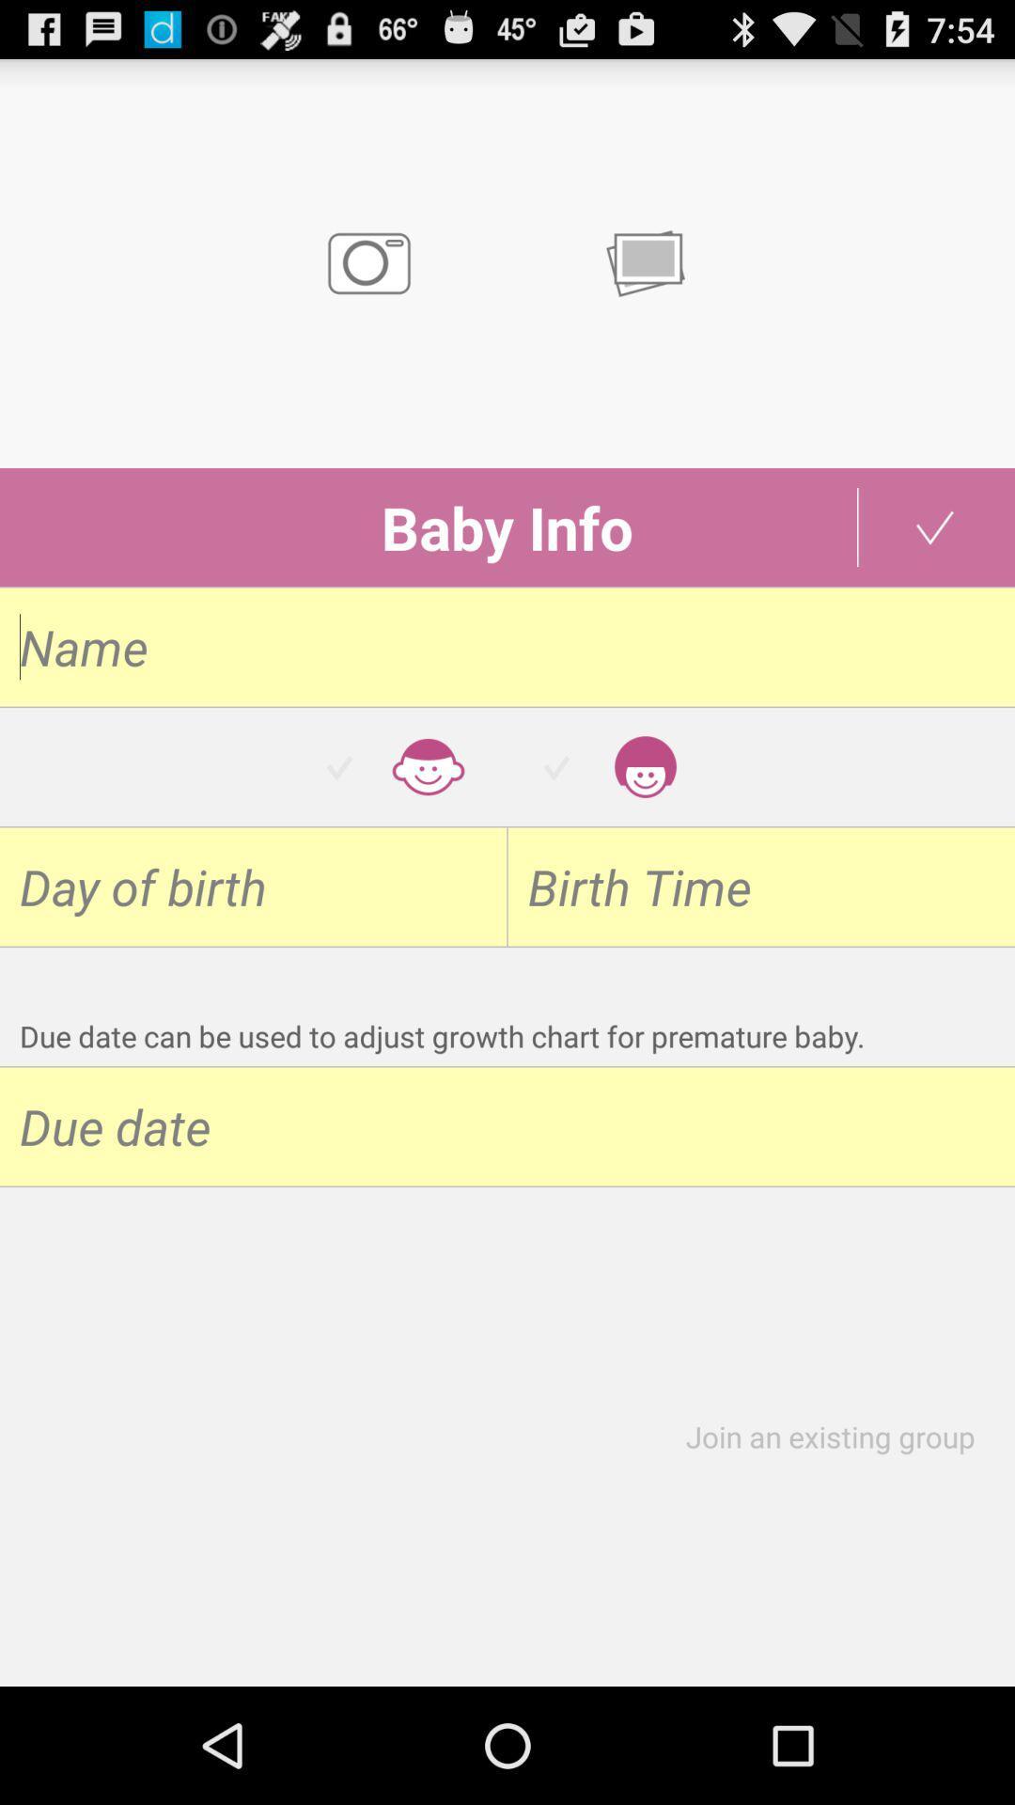 The width and height of the screenshot is (1015, 1805). Describe the element at coordinates (644, 281) in the screenshot. I see `the chat icon` at that location.